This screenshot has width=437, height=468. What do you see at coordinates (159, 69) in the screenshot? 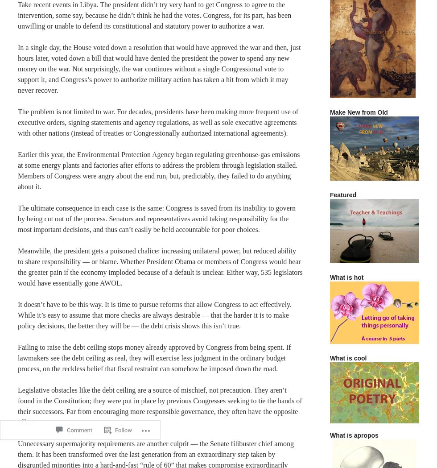
I see `'In a single day, the House voted down a resolution that would have approved the war and then, just hours later, voted down a bill that would have denied the president the power to spend any new money on the war. Not surprisingly, the war continues without a single Congressional vote to support it, and Congress’s power to authorize military action has taken a hit from which it may never recover.'` at bounding box center [159, 69].